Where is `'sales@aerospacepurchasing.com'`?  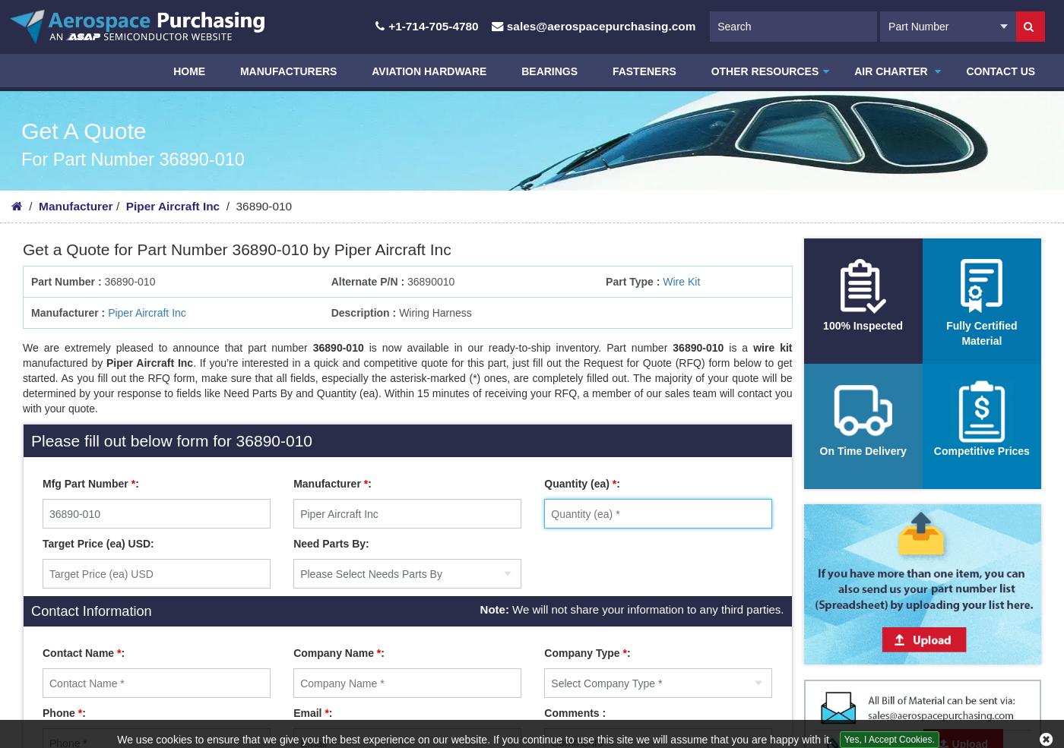 'sales@aerospacepurchasing.com' is located at coordinates (600, 25).